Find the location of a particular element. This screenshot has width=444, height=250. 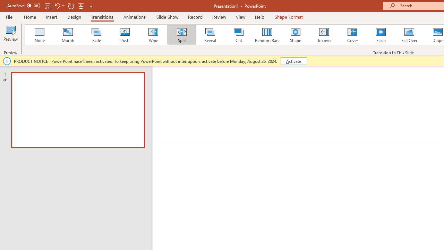

'Random Bars' is located at coordinates (267, 35).